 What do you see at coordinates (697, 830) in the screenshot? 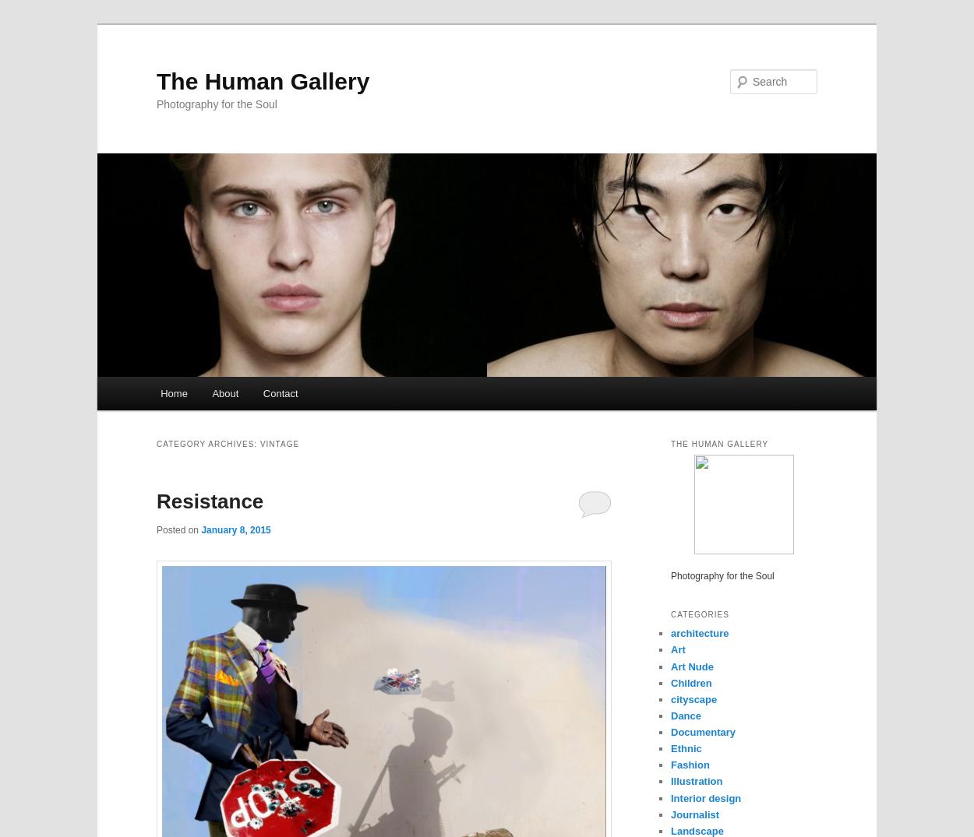
I see `'Landscape'` at bounding box center [697, 830].